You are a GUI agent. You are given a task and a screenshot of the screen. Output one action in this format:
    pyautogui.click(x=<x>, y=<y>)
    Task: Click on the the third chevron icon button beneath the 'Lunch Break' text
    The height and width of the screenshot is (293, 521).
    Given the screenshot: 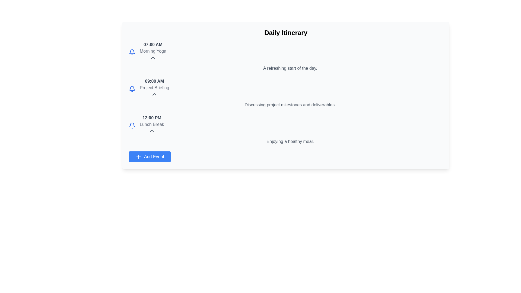 What is the action you would take?
    pyautogui.click(x=152, y=131)
    